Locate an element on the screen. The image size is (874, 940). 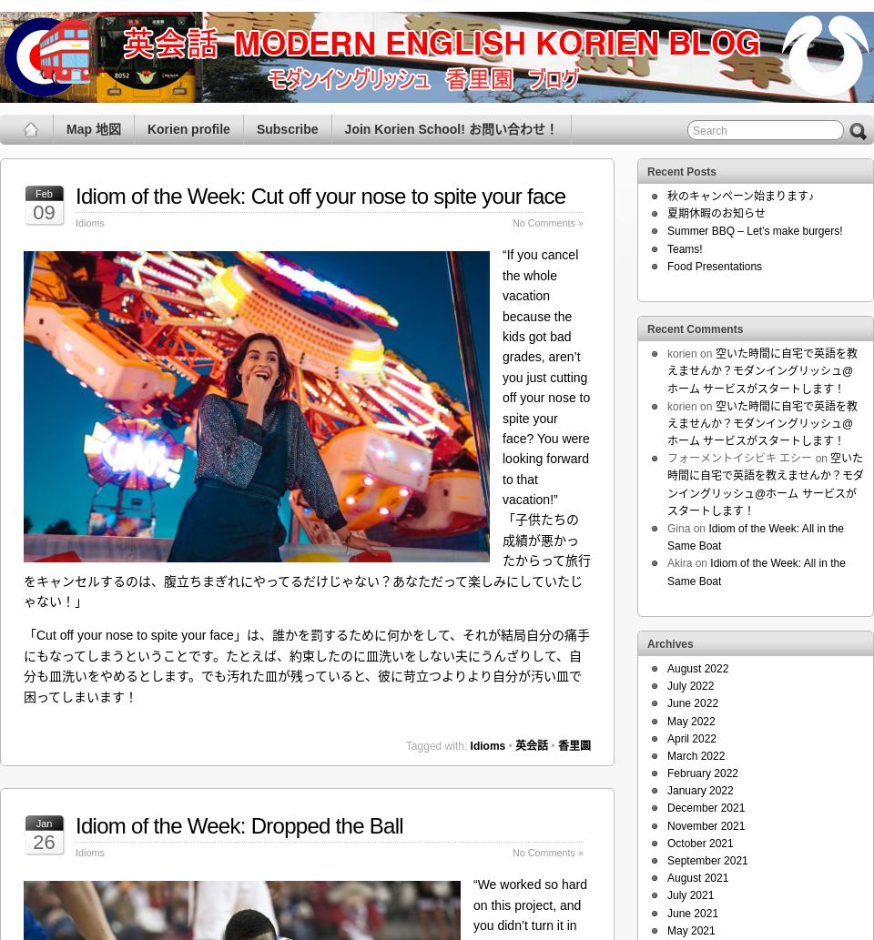
'09' is located at coordinates (43, 211).